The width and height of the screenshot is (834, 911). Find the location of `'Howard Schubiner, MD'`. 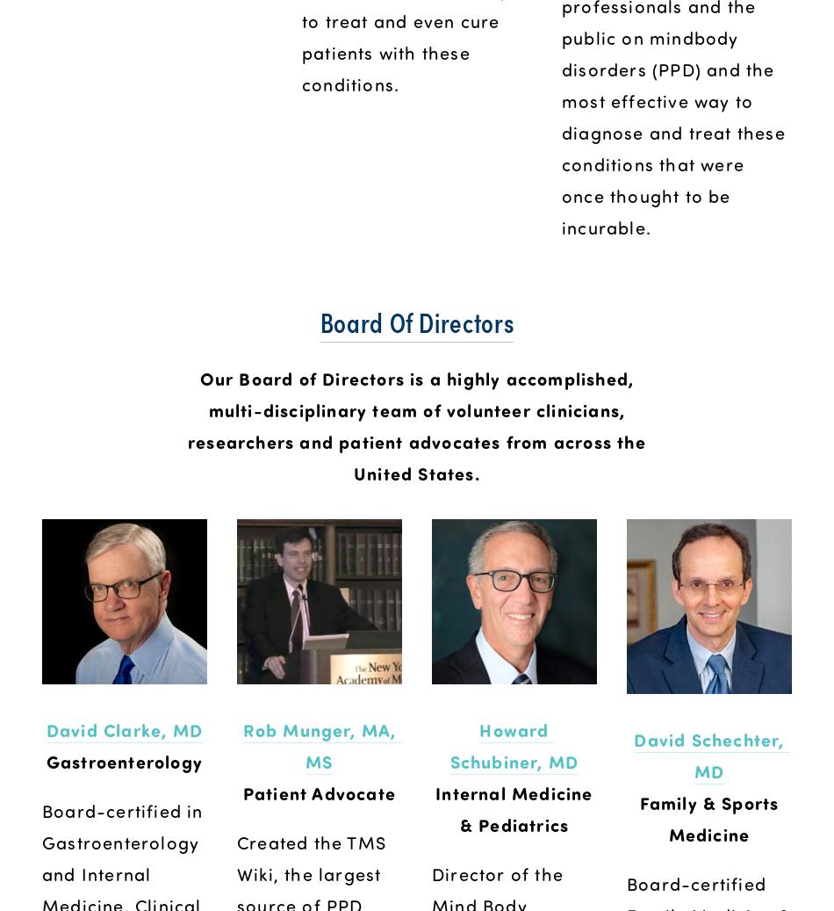

'Howard Schubiner, MD' is located at coordinates (514, 744).